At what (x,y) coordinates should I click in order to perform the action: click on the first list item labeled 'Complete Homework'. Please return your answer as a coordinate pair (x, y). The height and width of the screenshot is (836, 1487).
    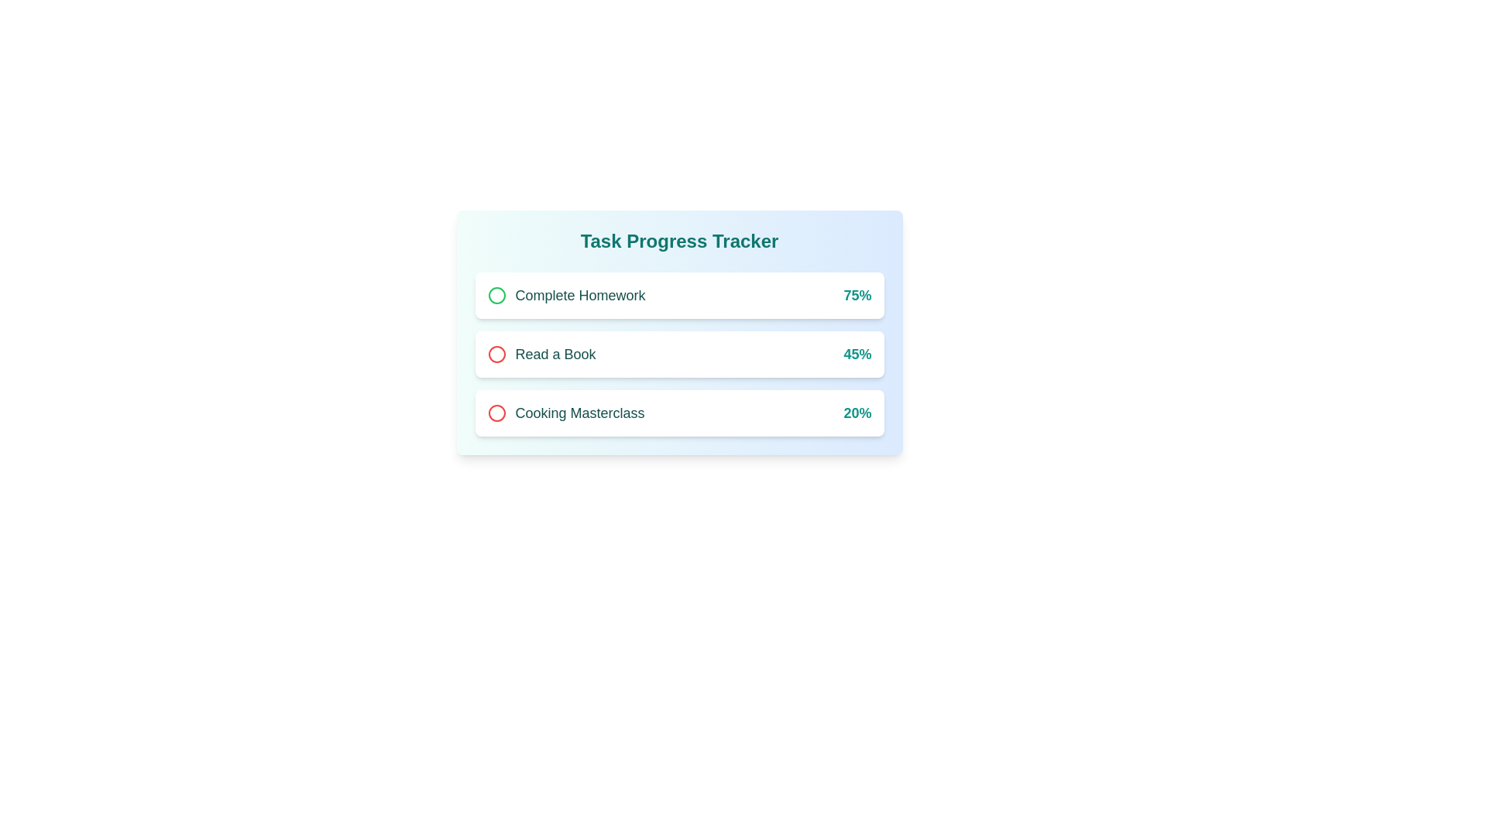
    Looking at the image, I should click on (679, 295).